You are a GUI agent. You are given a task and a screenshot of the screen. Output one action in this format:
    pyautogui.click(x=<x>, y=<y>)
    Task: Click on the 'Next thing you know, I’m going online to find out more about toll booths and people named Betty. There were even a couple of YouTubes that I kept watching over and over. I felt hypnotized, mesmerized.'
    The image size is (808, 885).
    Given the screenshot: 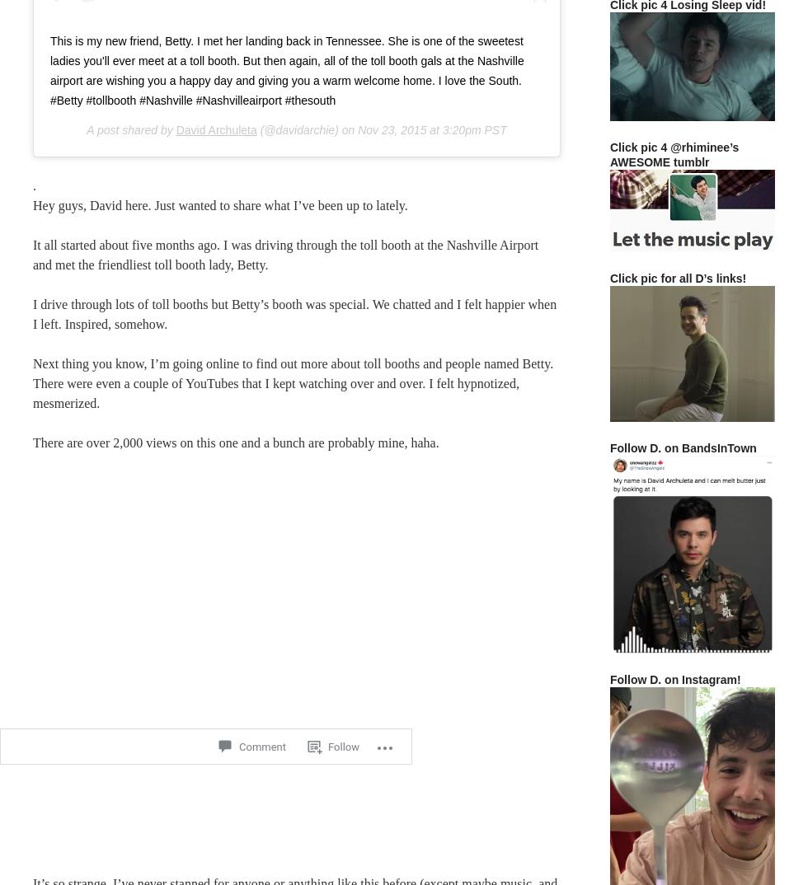 What is the action you would take?
    pyautogui.click(x=32, y=382)
    